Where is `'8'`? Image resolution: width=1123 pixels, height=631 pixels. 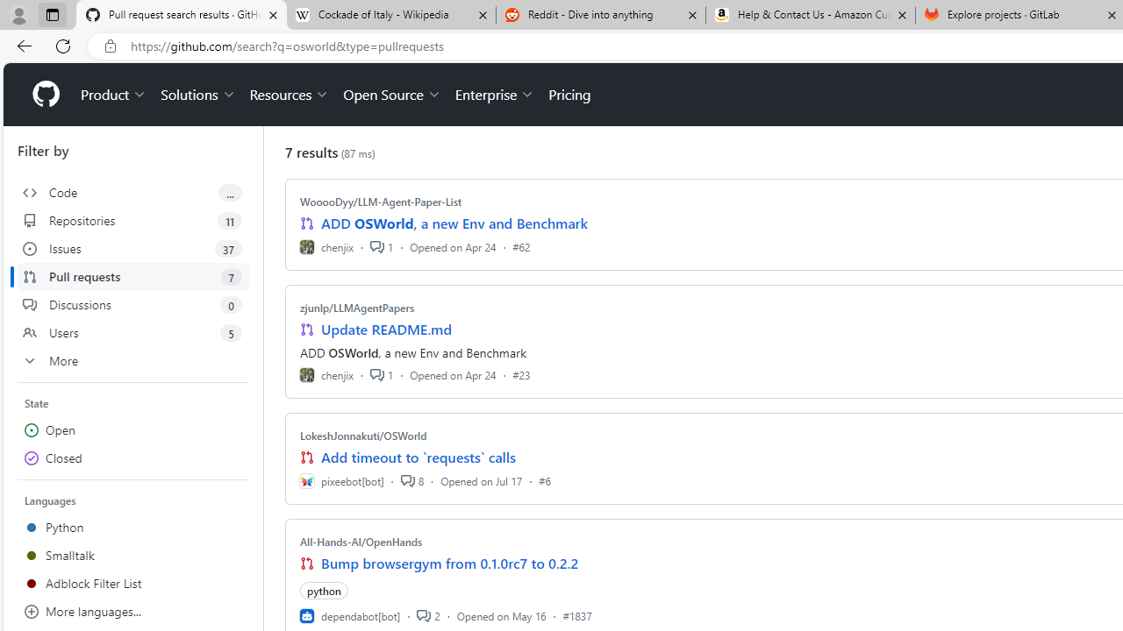 '8' is located at coordinates (411, 480).